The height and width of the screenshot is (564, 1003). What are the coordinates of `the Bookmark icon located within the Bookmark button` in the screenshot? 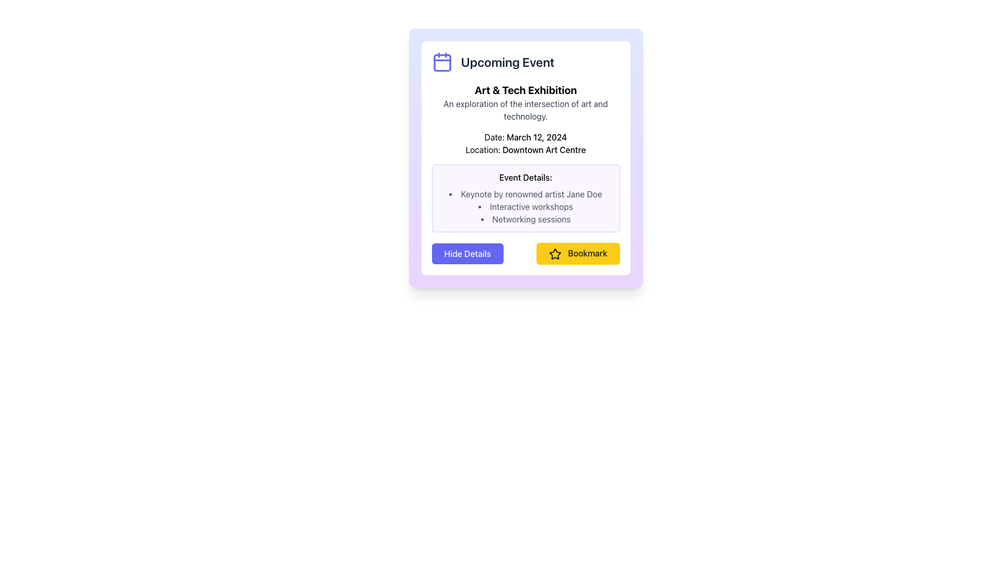 It's located at (555, 254).